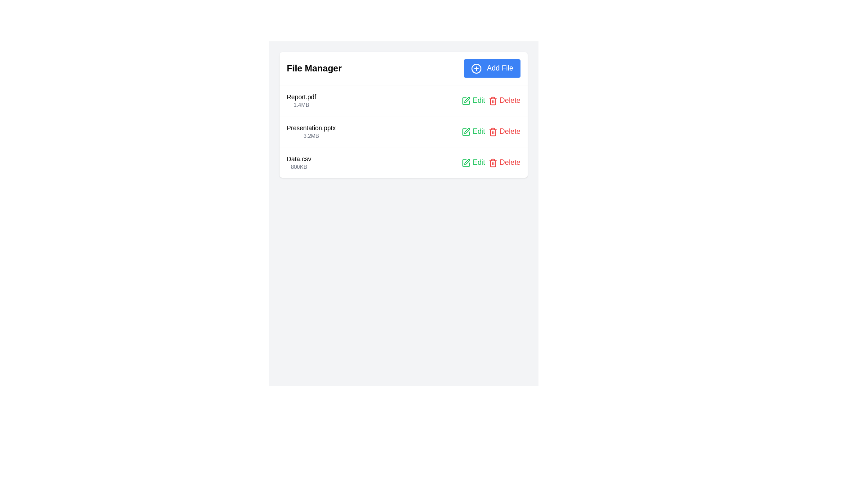 This screenshot has height=485, width=863. I want to click on the text display showing 'Report.pdf' and '1.4MB' to copy the file name and size, so click(301, 100).